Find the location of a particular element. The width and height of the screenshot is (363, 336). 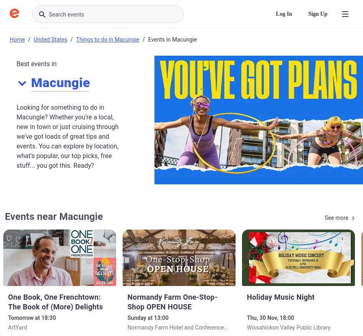

'Events in Macungie' is located at coordinates (172, 39).